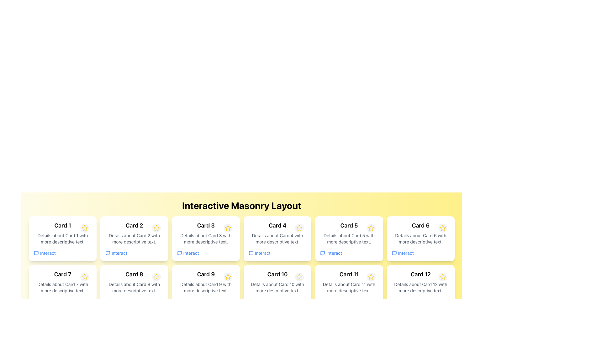 The width and height of the screenshot is (602, 338). What do you see at coordinates (206, 226) in the screenshot?
I see `the static text label displaying 'Card 3' located at the top of the card layout in the first row, third column` at bounding box center [206, 226].